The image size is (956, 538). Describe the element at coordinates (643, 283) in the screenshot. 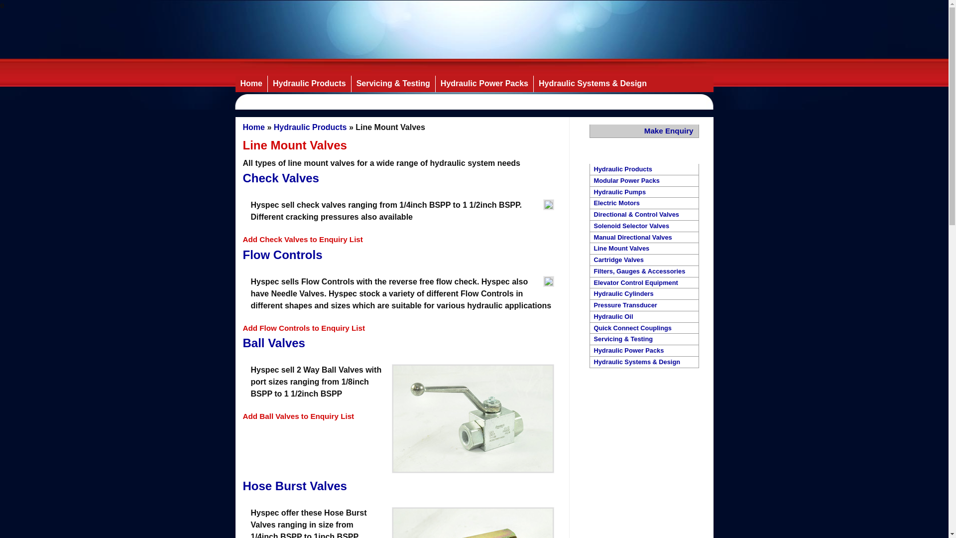

I see `'Elevator Control Equipment'` at that location.